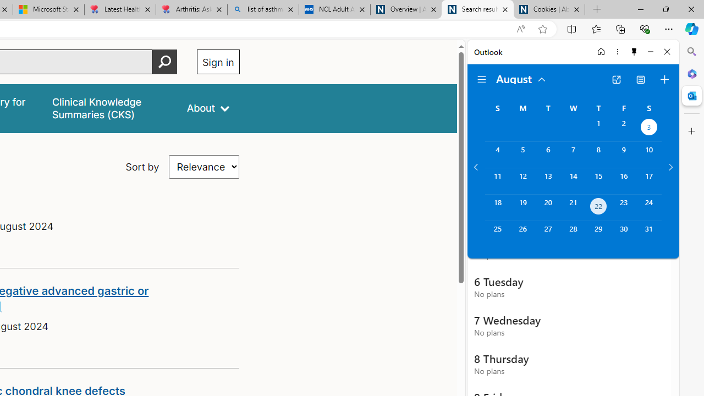  Describe the element at coordinates (204, 167) in the screenshot. I see `'Sort by'` at that location.